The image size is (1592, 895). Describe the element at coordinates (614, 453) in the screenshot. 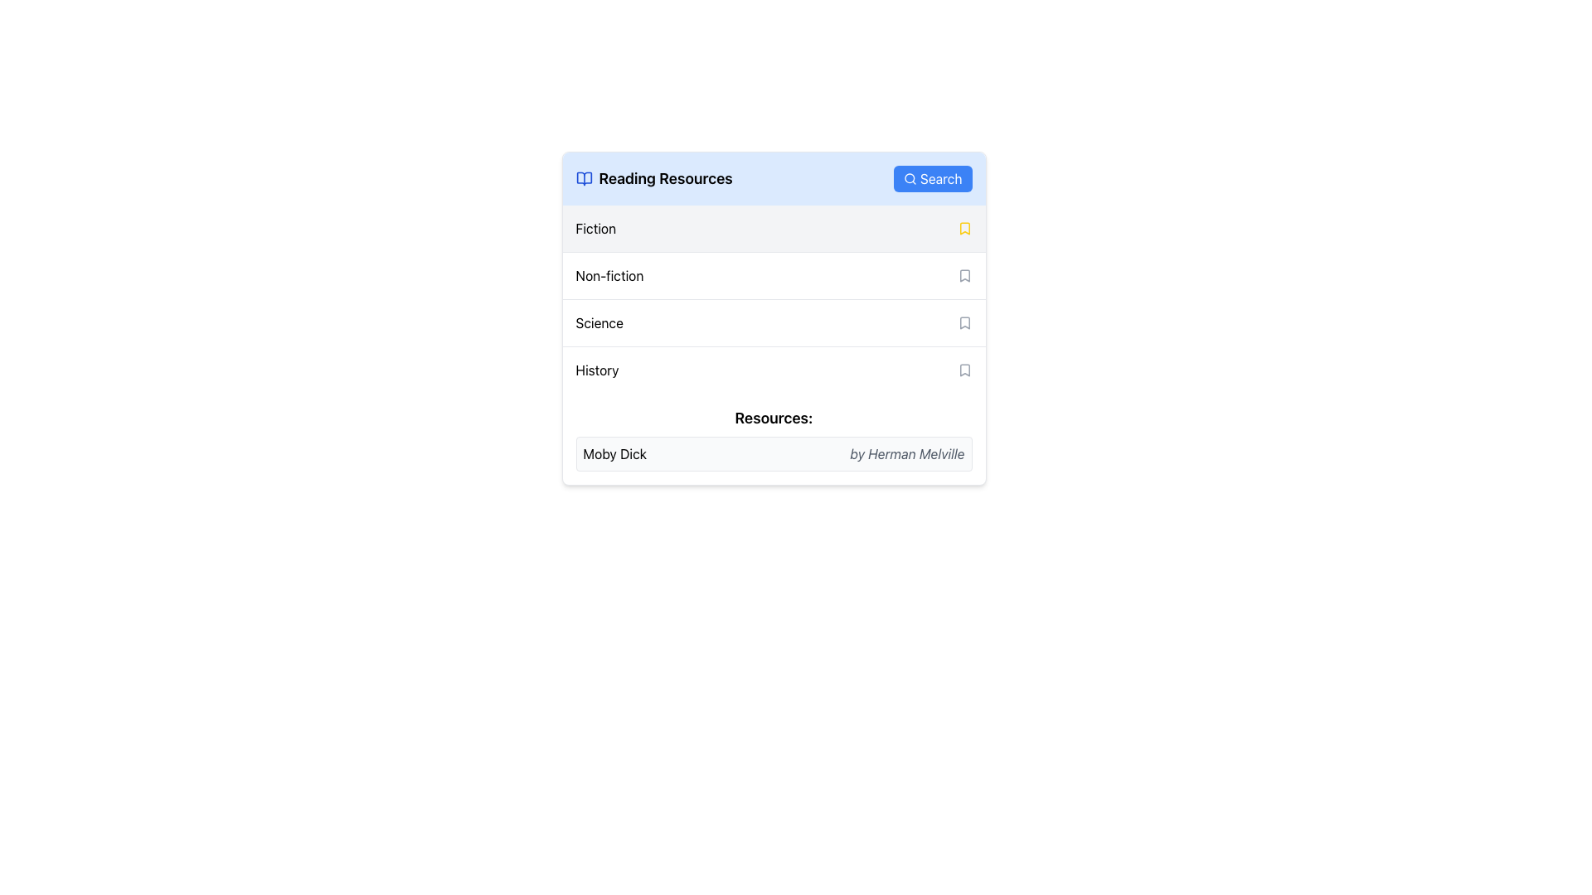

I see `the text label displaying 'Moby Dick' in the 'Resources:' section, which is located in the card layout titled 'Reading Resources'` at that location.